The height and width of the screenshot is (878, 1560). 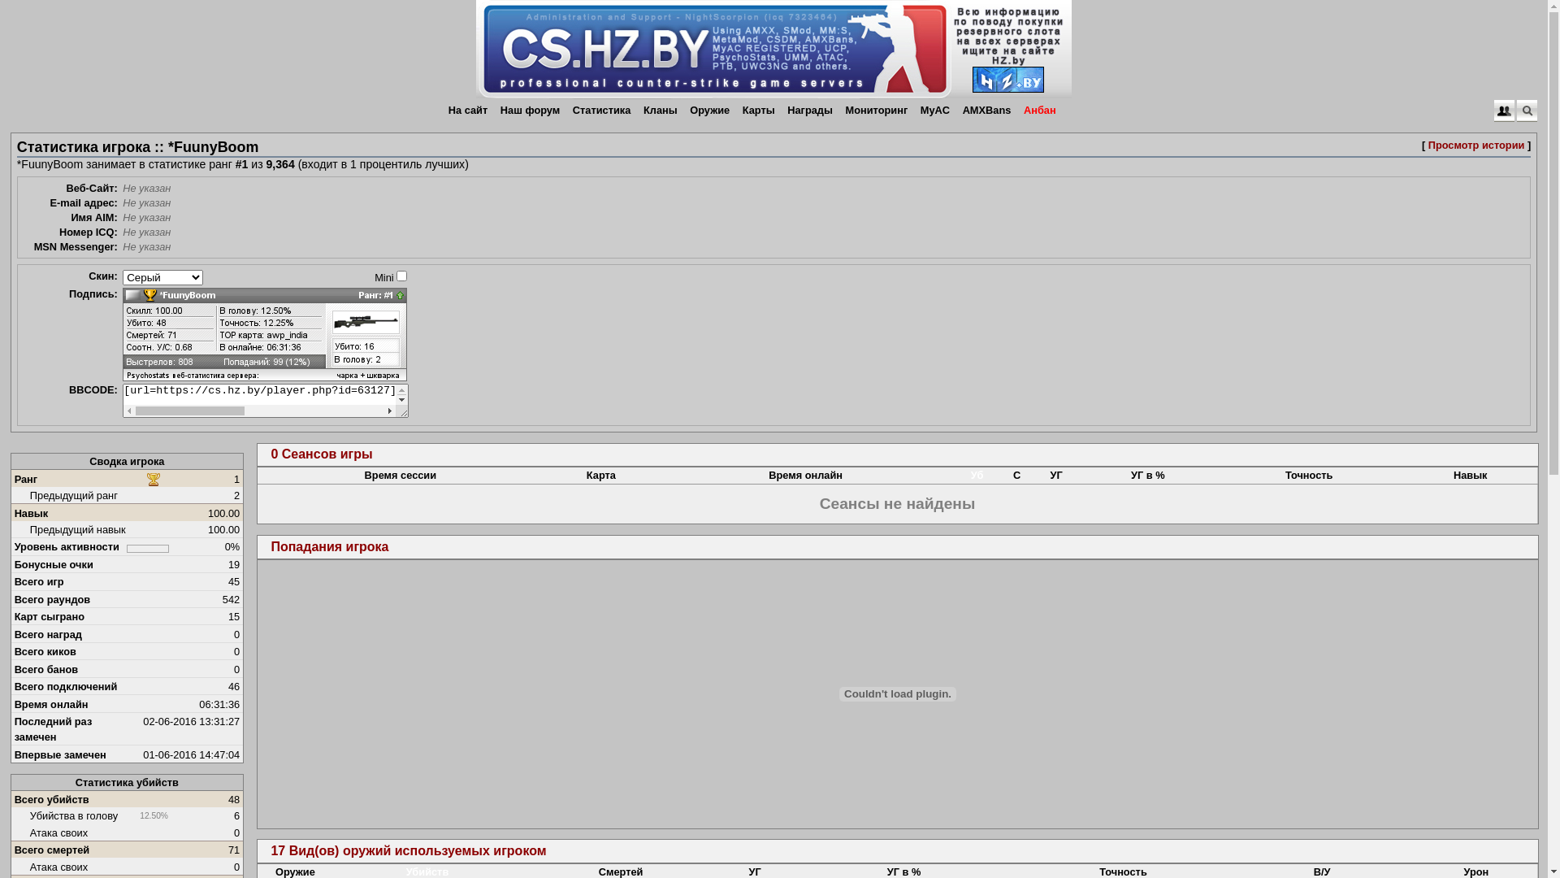 What do you see at coordinates (148, 549) in the screenshot?
I see `'0%'` at bounding box center [148, 549].